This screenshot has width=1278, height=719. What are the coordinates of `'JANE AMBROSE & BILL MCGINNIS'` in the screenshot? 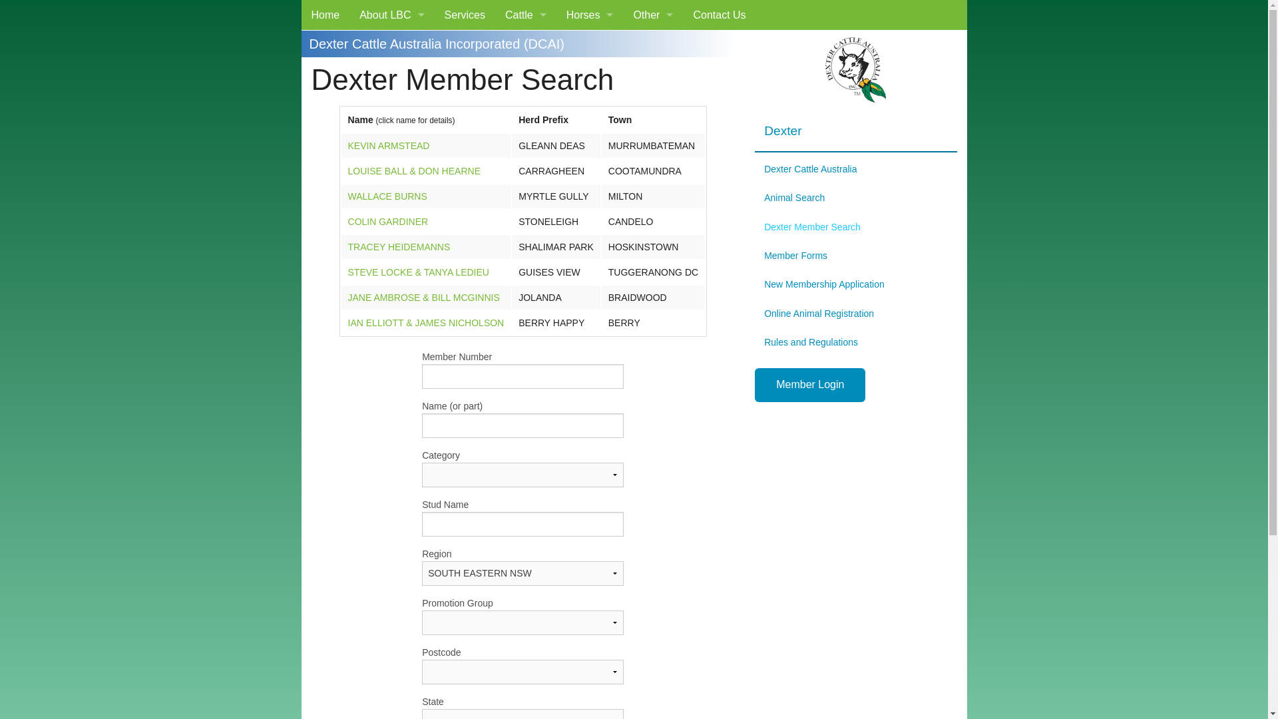 It's located at (423, 297).